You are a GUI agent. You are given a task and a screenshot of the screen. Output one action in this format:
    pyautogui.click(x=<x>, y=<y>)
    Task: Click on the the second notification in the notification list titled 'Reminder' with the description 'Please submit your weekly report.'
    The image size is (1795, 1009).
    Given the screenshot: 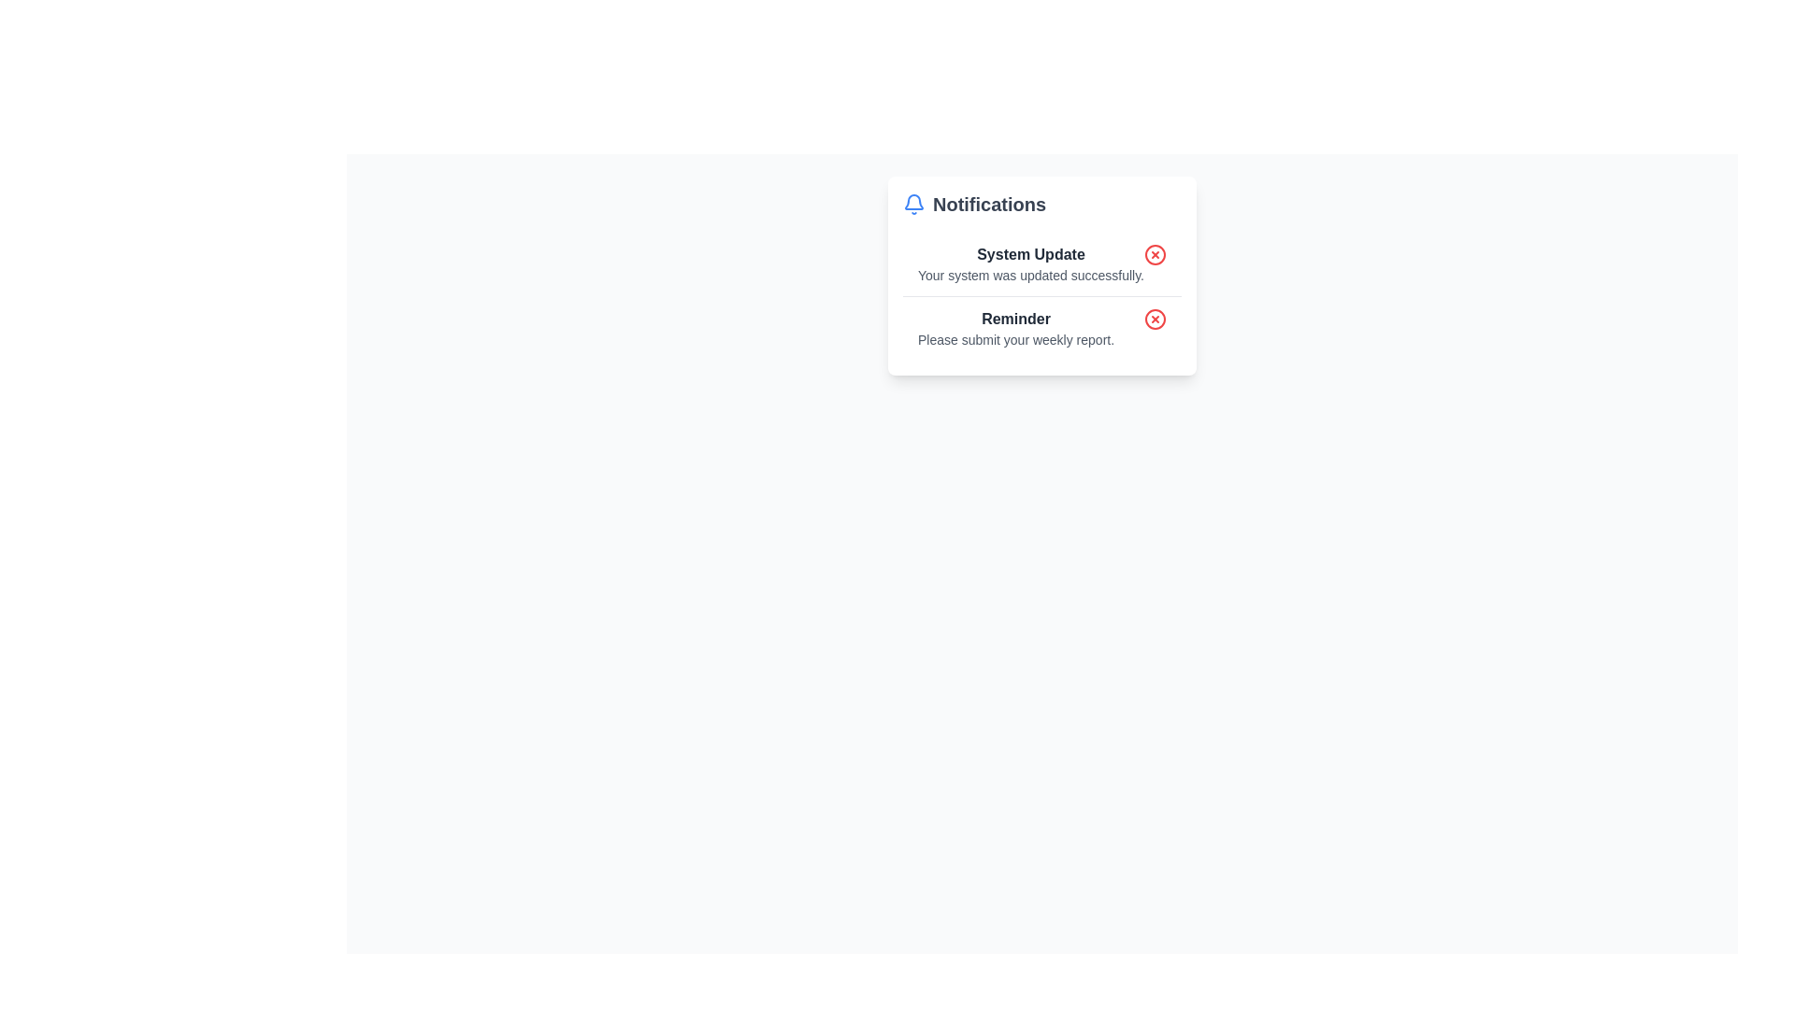 What is the action you would take?
    pyautogui.click(x=1041, y=327)
    